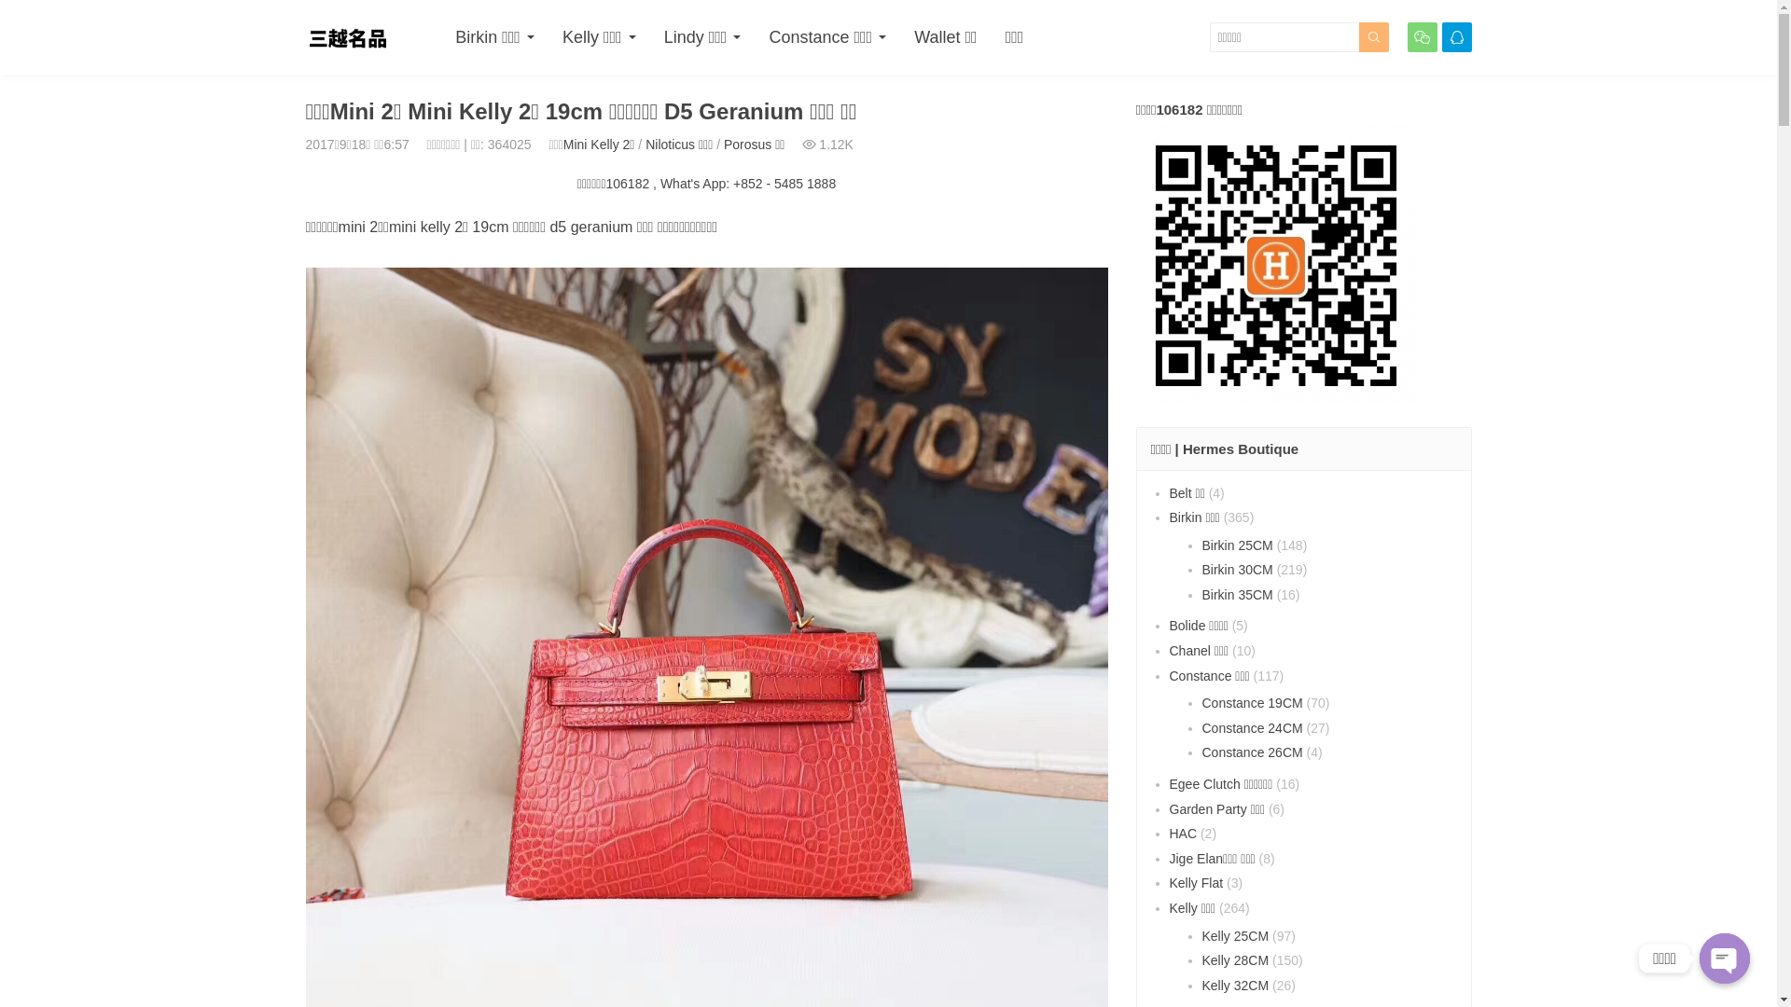 The image size is (1791, 1007). What do you see at coordinates (1201, 545) in the screenshot?
I see `'Birkin 25CM'` at bounding box center [1201, 545].